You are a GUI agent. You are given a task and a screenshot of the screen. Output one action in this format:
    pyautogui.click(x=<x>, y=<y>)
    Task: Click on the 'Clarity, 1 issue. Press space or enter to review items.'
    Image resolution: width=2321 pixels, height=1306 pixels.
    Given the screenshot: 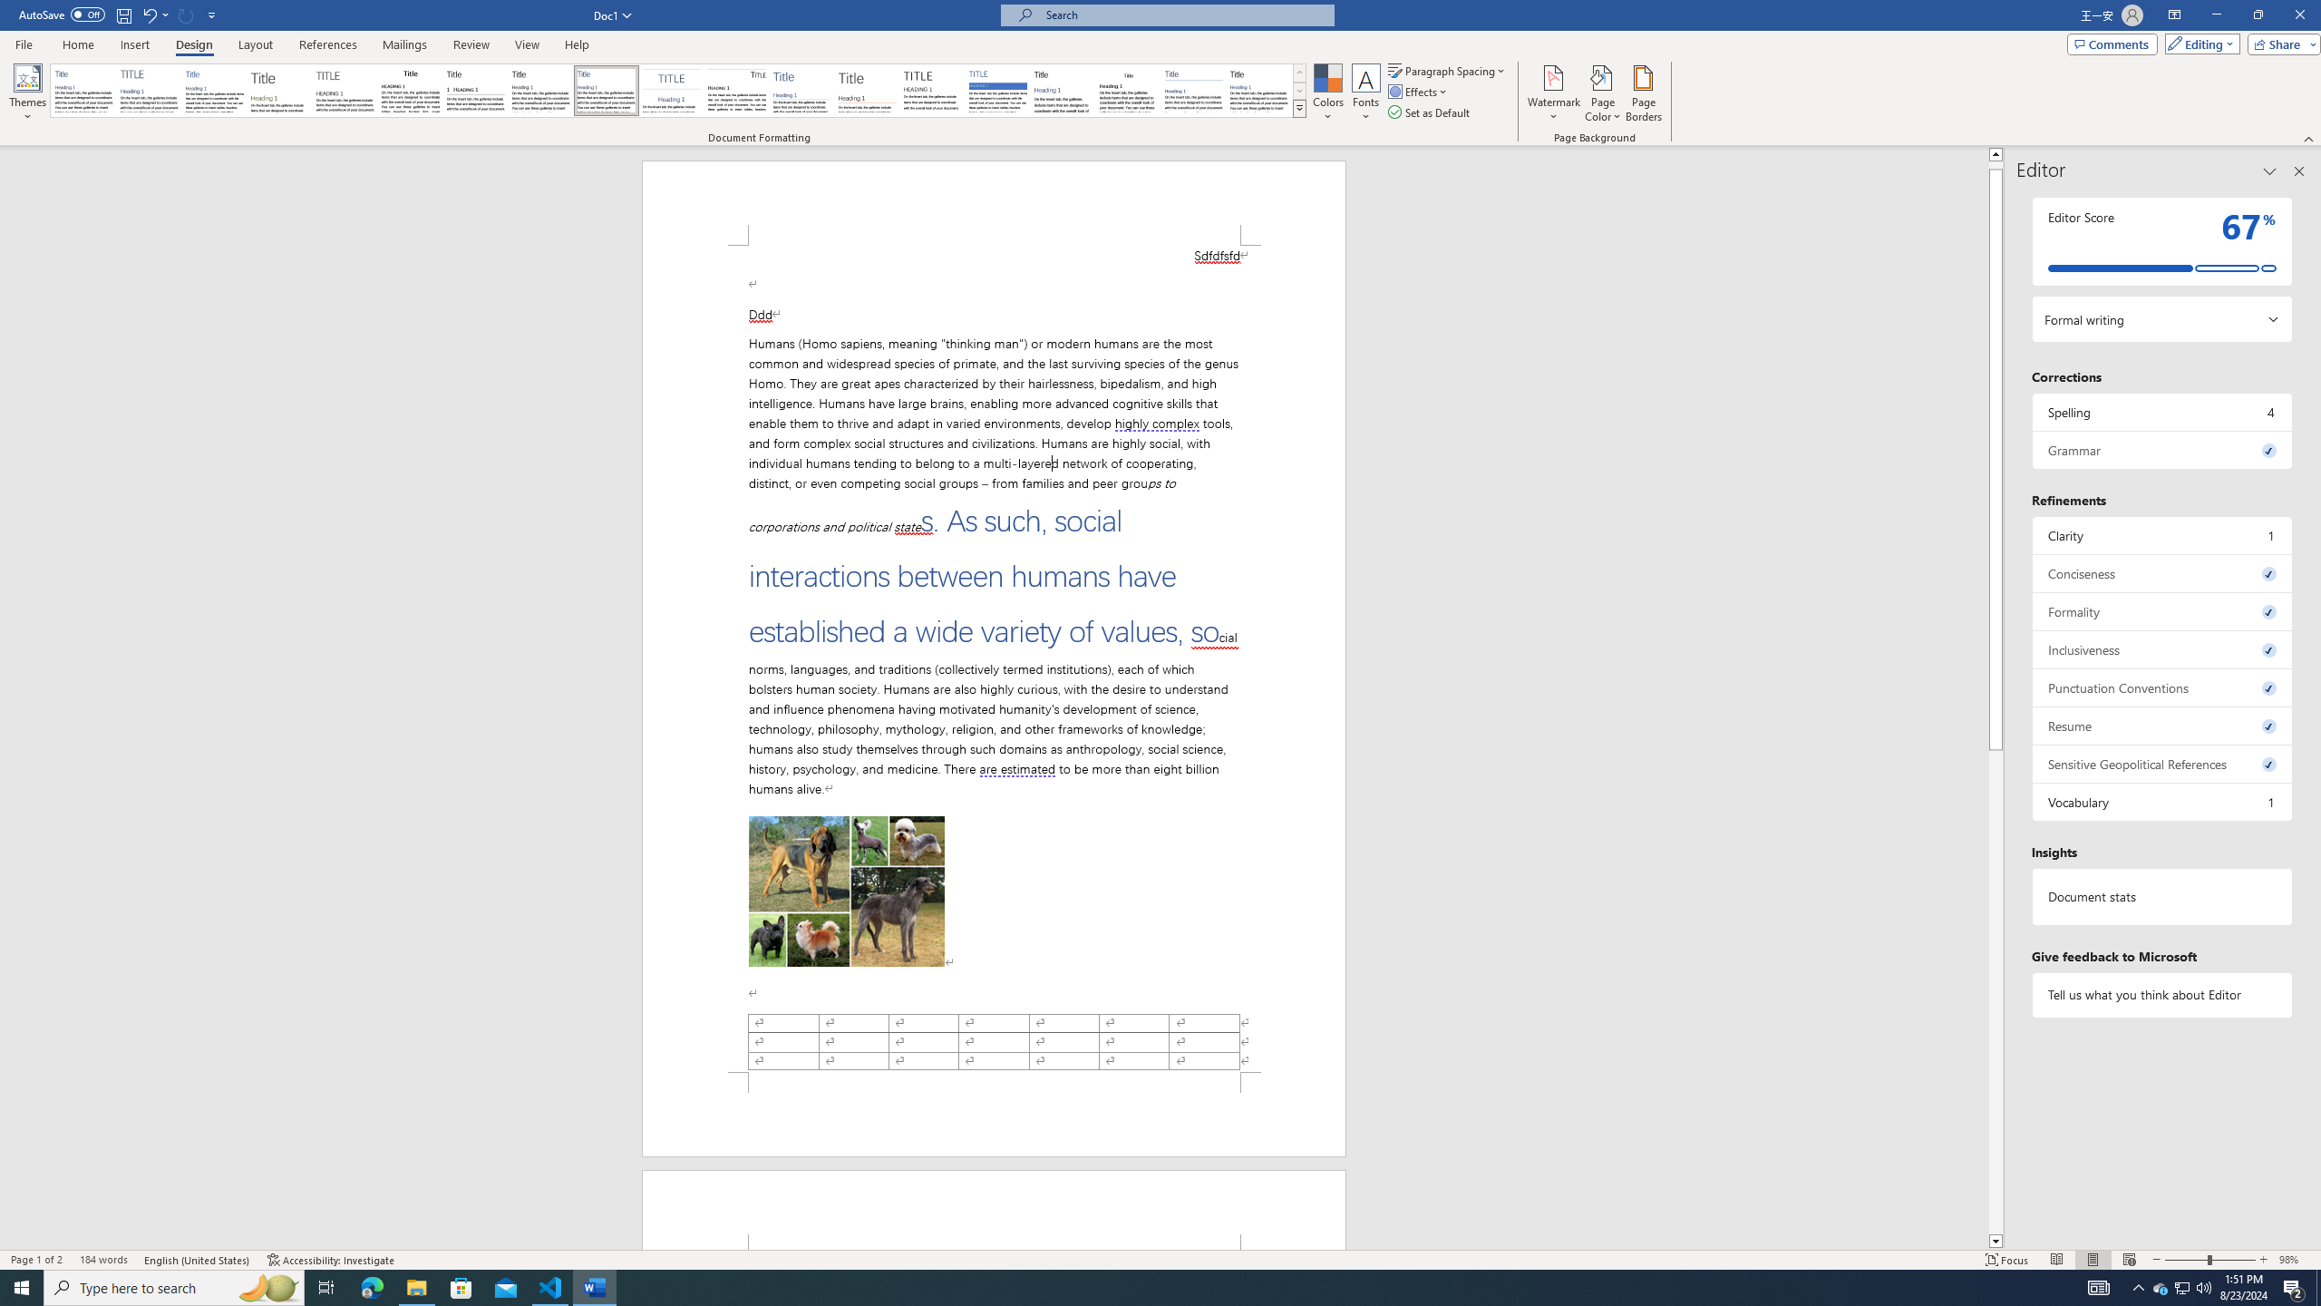 What is the action you would take?
    pyautogui.click(x=2161, y=534)
    